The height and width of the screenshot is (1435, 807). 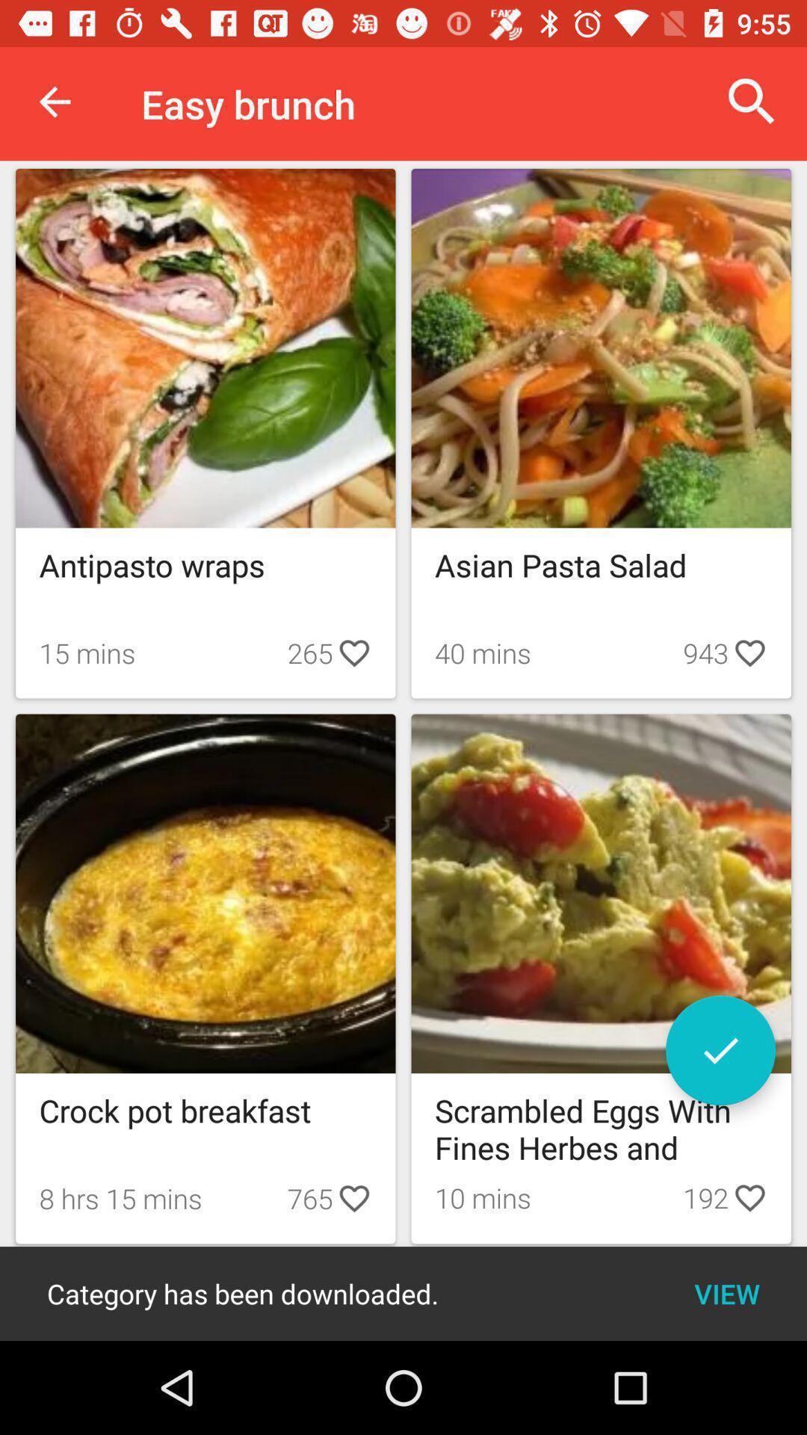 What do you see at coordinates (54, 101) in the screenshot?
I see `the item to the left of easy brunch icon` at bounding box center [54, 101].